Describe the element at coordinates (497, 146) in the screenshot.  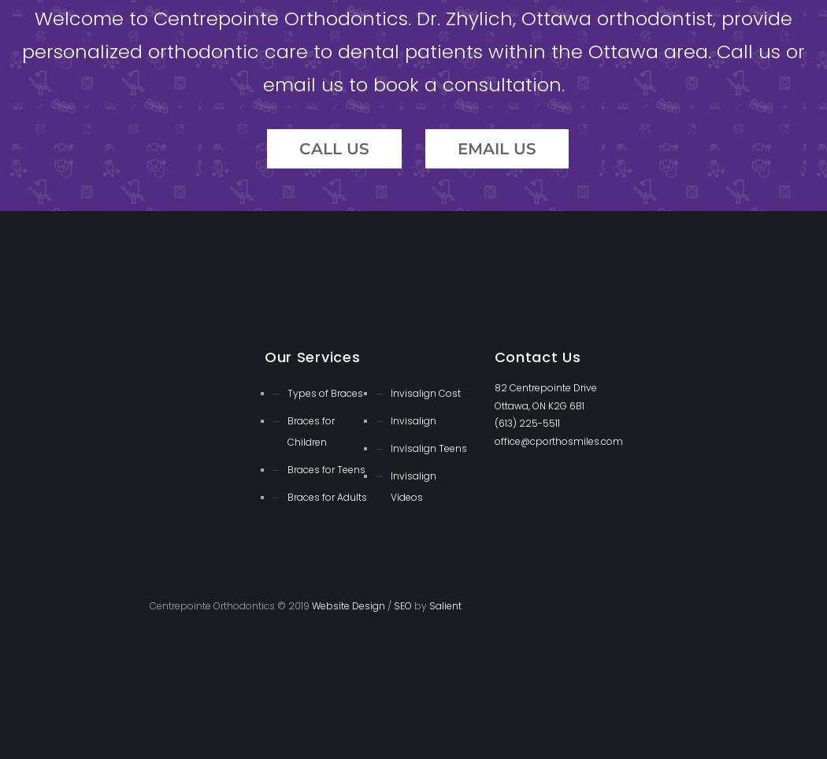
I see `'Email Us'` at that location.